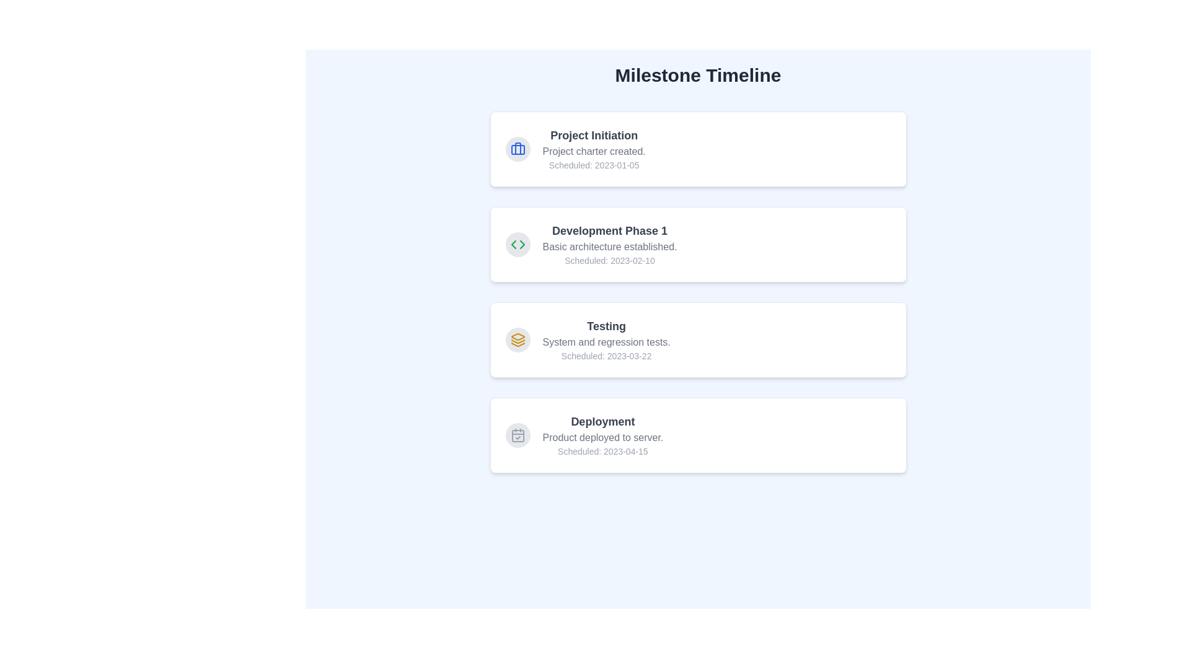  What do you see at coordinates (593, 148) in the screenshot?
I see `the text block displaying details of the 'Project Initiation' milestone within the first milestone card, which is adjacent to a briefcase icon` at bounding box center [593, 148].